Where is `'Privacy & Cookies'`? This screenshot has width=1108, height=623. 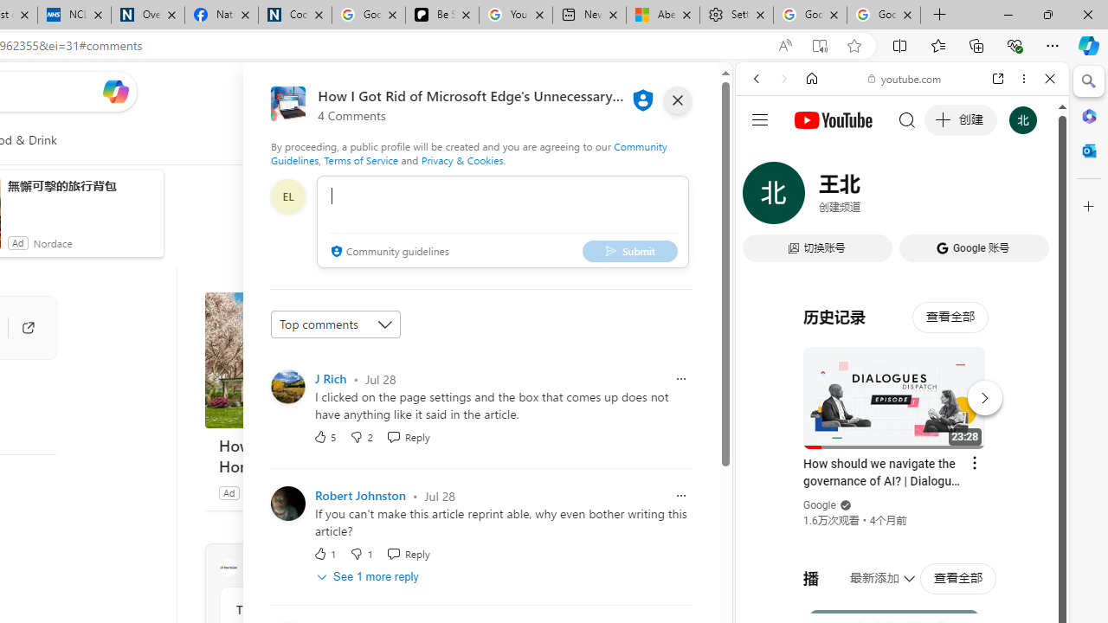
'Privacy & Cookies' is located at coordinates (462, 160).